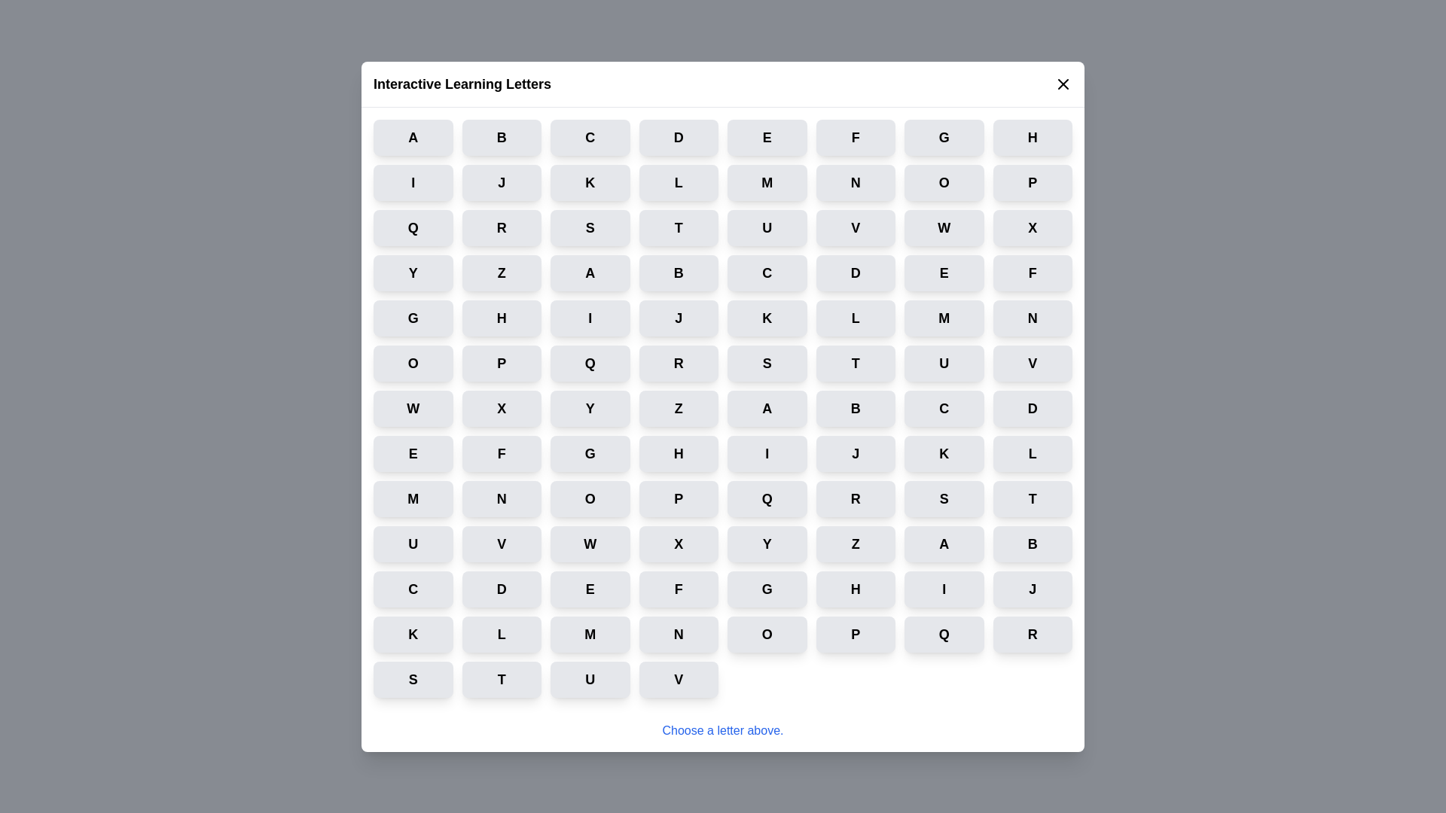 This screenshot has width=1446, height=813. What do you see at coordinates (1062, 84) in the screenshot?
I see `the close icon to dismiss the dialog` at bounding box center [1062, 84].